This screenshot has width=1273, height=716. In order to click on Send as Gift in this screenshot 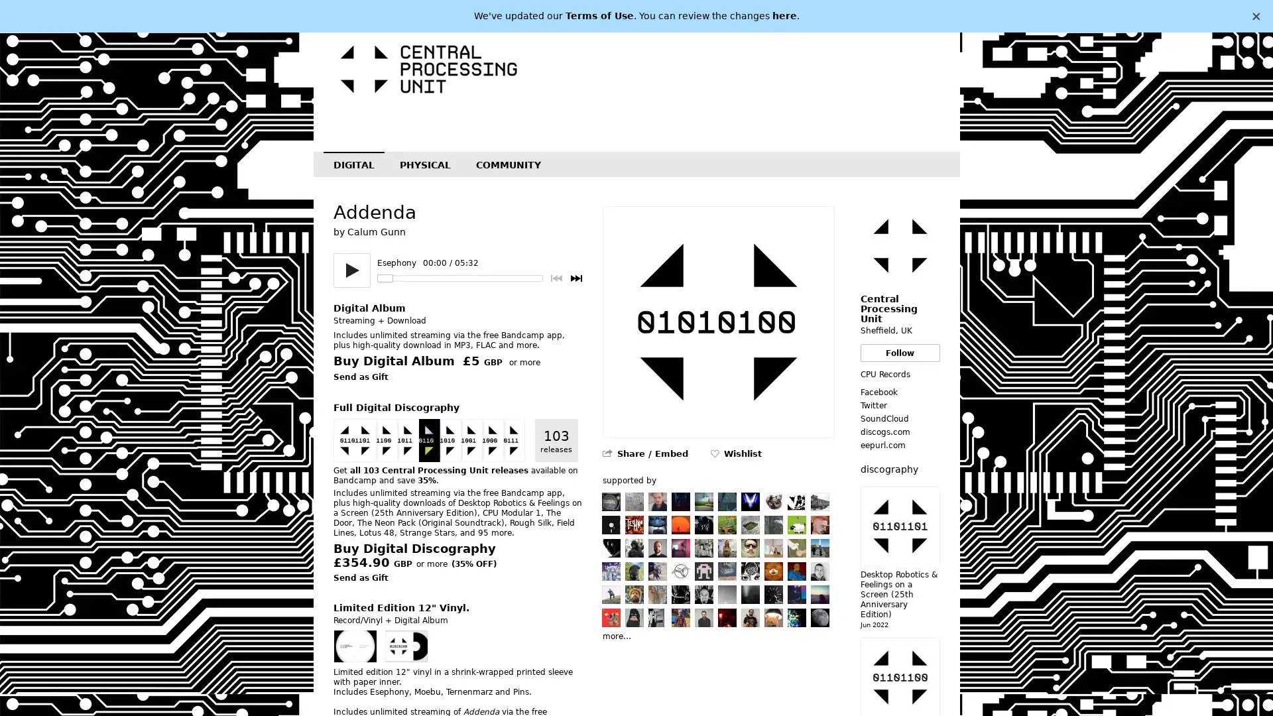, I will do `click(360, 378)`.